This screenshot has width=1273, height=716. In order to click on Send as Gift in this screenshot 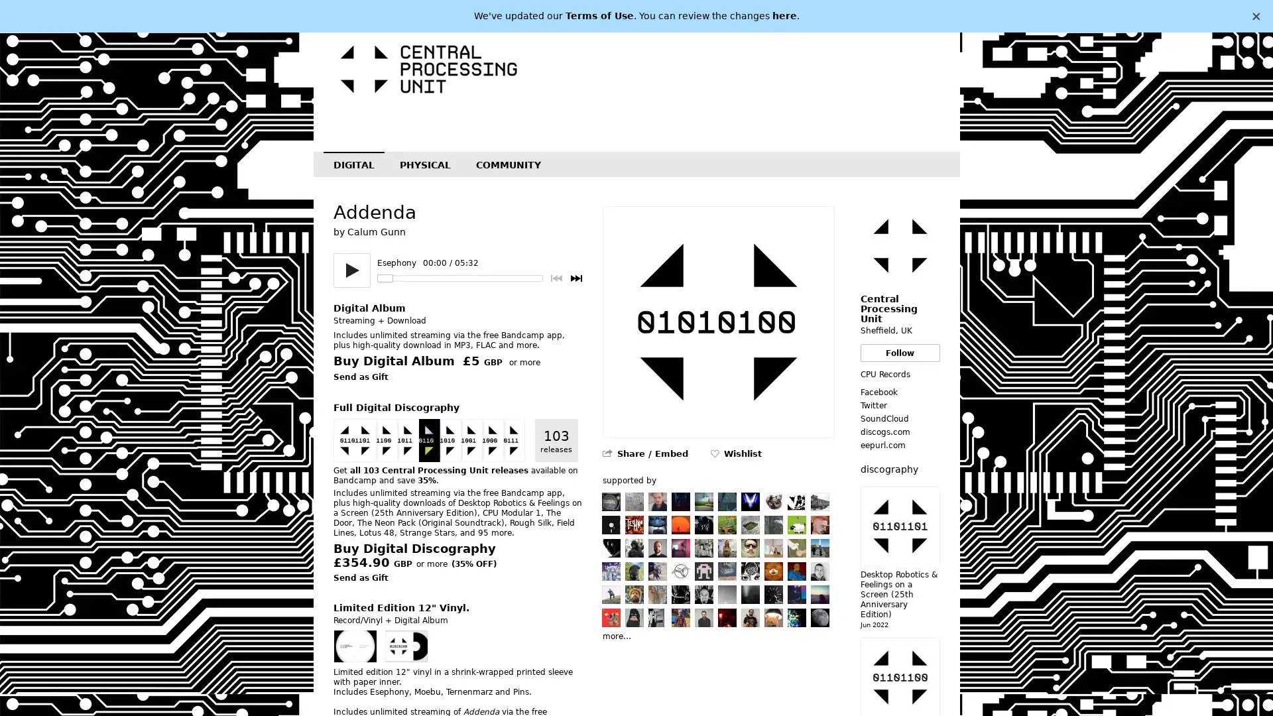, I will do `click(360, 378)`.